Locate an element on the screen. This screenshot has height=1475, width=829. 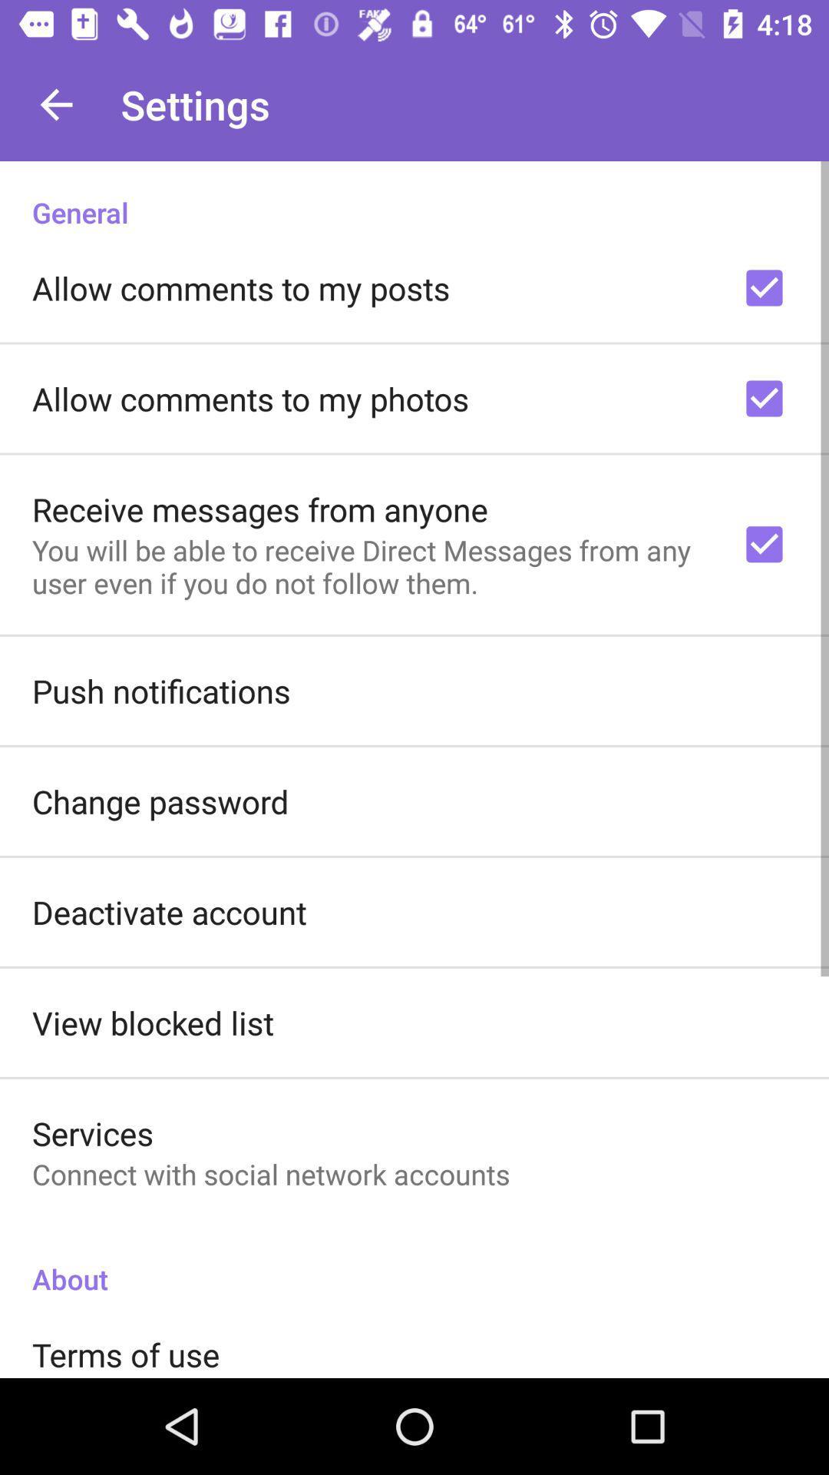
the icon below connect with social item is located at coordinates (414, 1263).